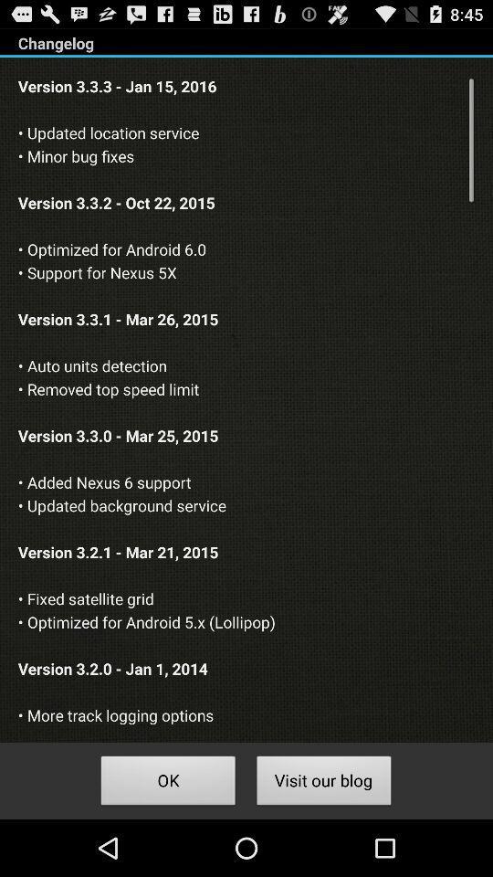  Describe the element at coordinates (323, 782) in the screenshot. I see `button next to the ok icon` at that location.